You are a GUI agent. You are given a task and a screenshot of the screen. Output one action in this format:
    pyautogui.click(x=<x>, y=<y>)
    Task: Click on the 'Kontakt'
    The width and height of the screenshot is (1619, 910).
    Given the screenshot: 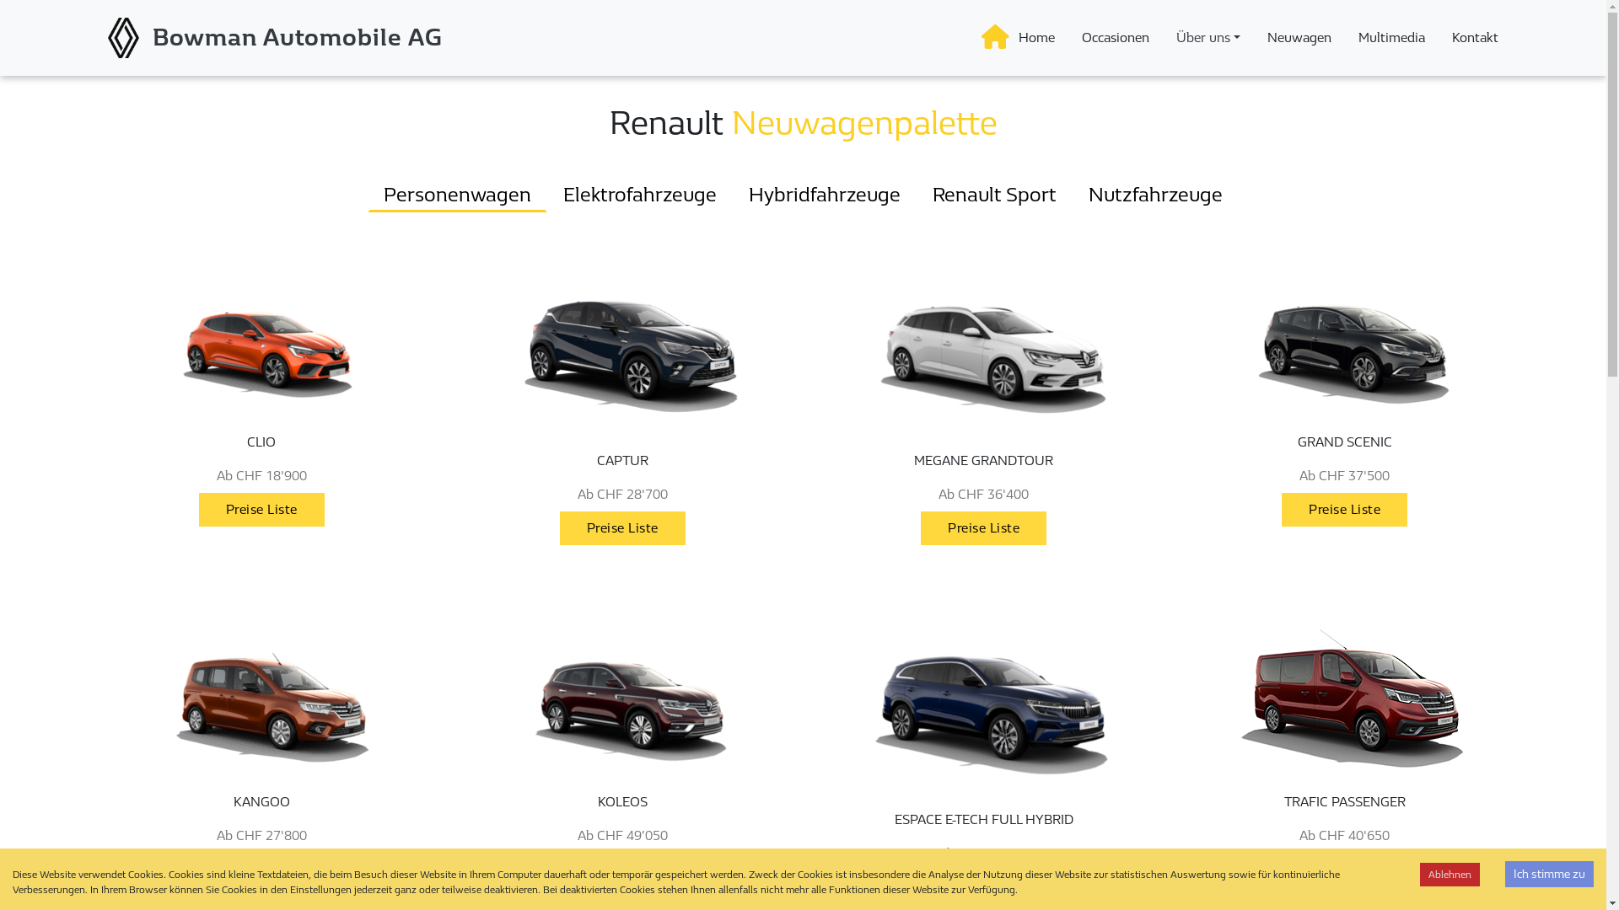 What is the action you would take?
    pyautogui.click(x=1444, y=38)
    